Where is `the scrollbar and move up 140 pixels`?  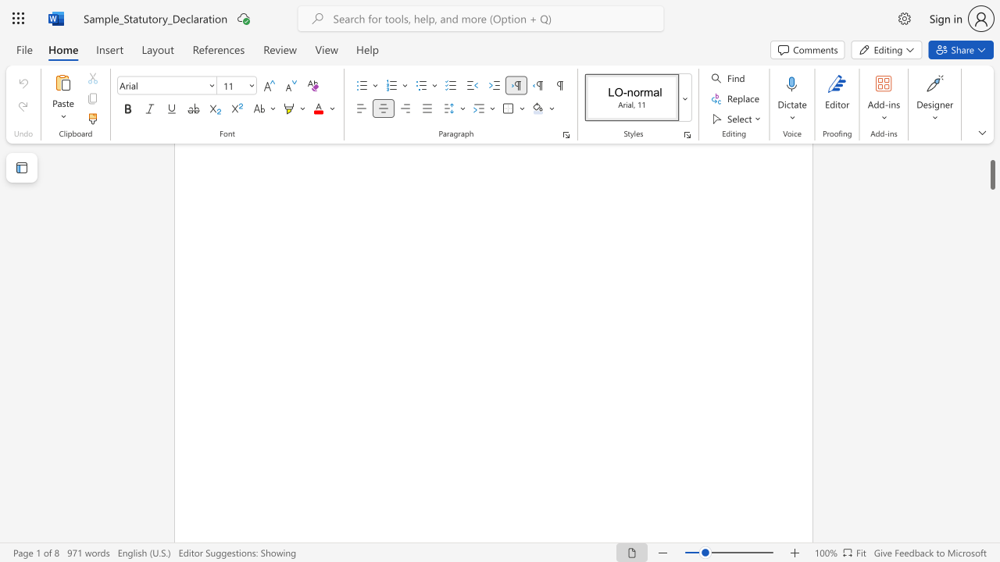
the scrollbar and move up 140 pixels is located at coordinates (991, 167).